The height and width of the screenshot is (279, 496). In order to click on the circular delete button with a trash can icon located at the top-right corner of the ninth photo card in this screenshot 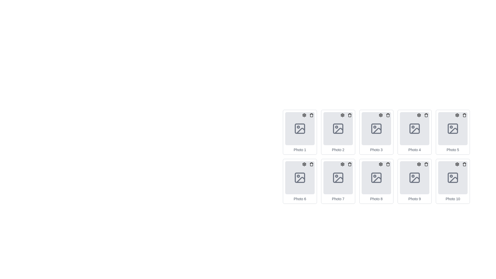, I will do `click(426, 164)`.